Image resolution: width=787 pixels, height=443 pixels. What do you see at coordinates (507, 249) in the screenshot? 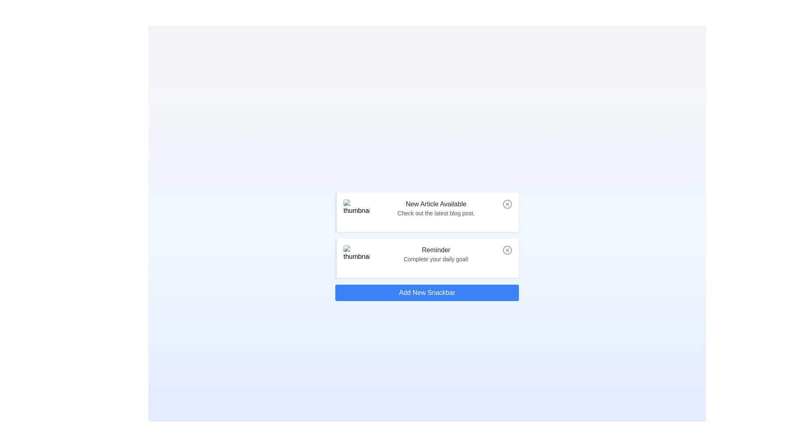
I see `the dismiss button for the notification with title 'Reminder'` at bounding box center [507, 249].